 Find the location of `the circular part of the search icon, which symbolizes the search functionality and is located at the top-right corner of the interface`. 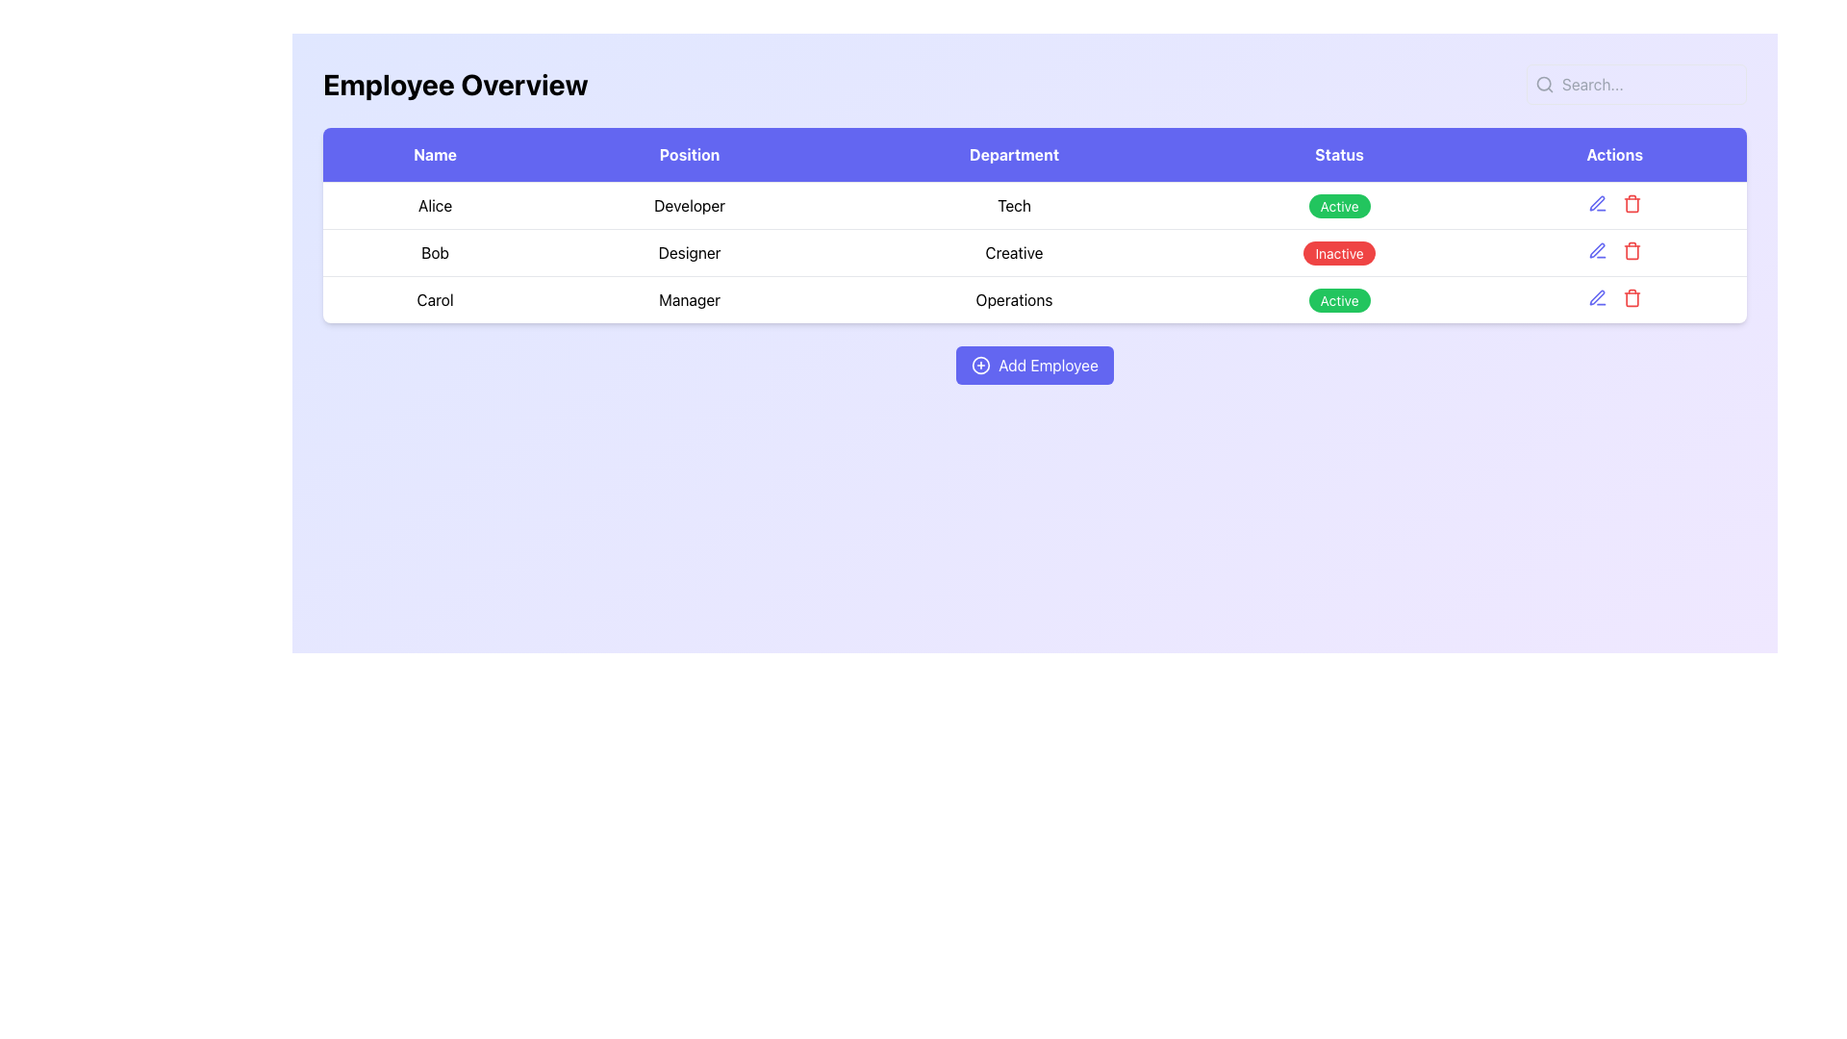

the circular part of the search icon, which symbolizes the search functionality and is located at the top-right corner of the interface is located at coordinates (1544, 83).